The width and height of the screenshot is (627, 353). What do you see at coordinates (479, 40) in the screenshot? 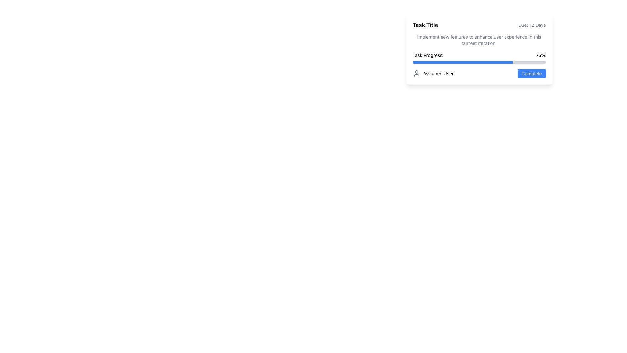
I see `the Text Label that provides a brief description of the task, located directly under the 'Task Title' and above the 'Task Progress:' section` at bounding box center [479, 40].